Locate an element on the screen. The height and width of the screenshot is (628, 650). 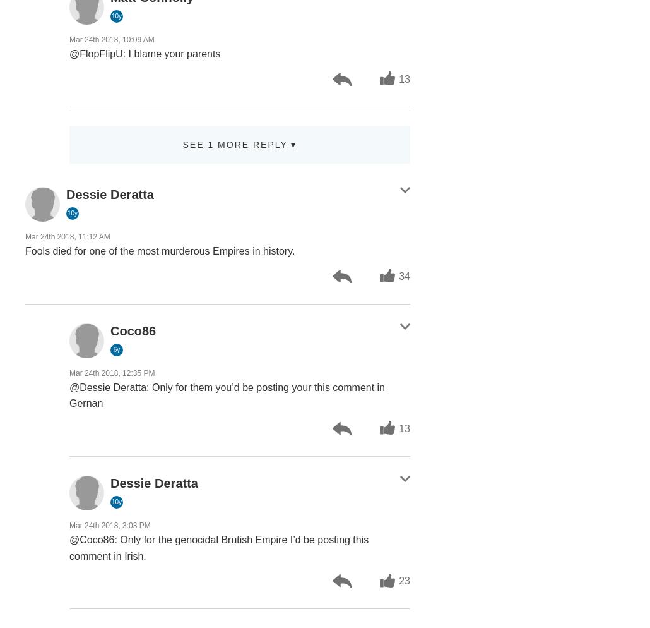
'Mar 24th 2018, 10:09 AM' is located at coordinates (111, 39).